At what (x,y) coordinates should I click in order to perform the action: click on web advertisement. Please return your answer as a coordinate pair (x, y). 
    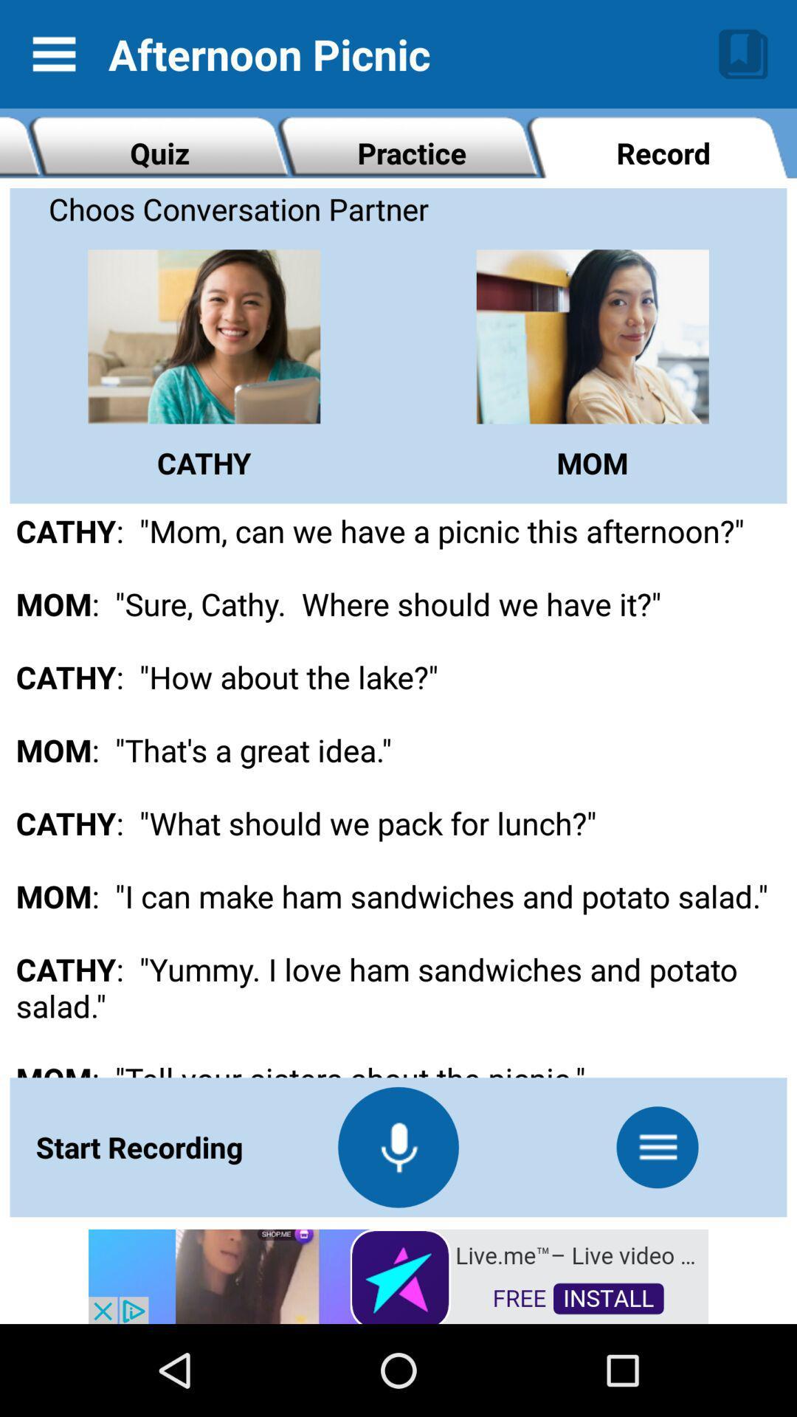
    Looking at the image, I should click on (398, 1275).